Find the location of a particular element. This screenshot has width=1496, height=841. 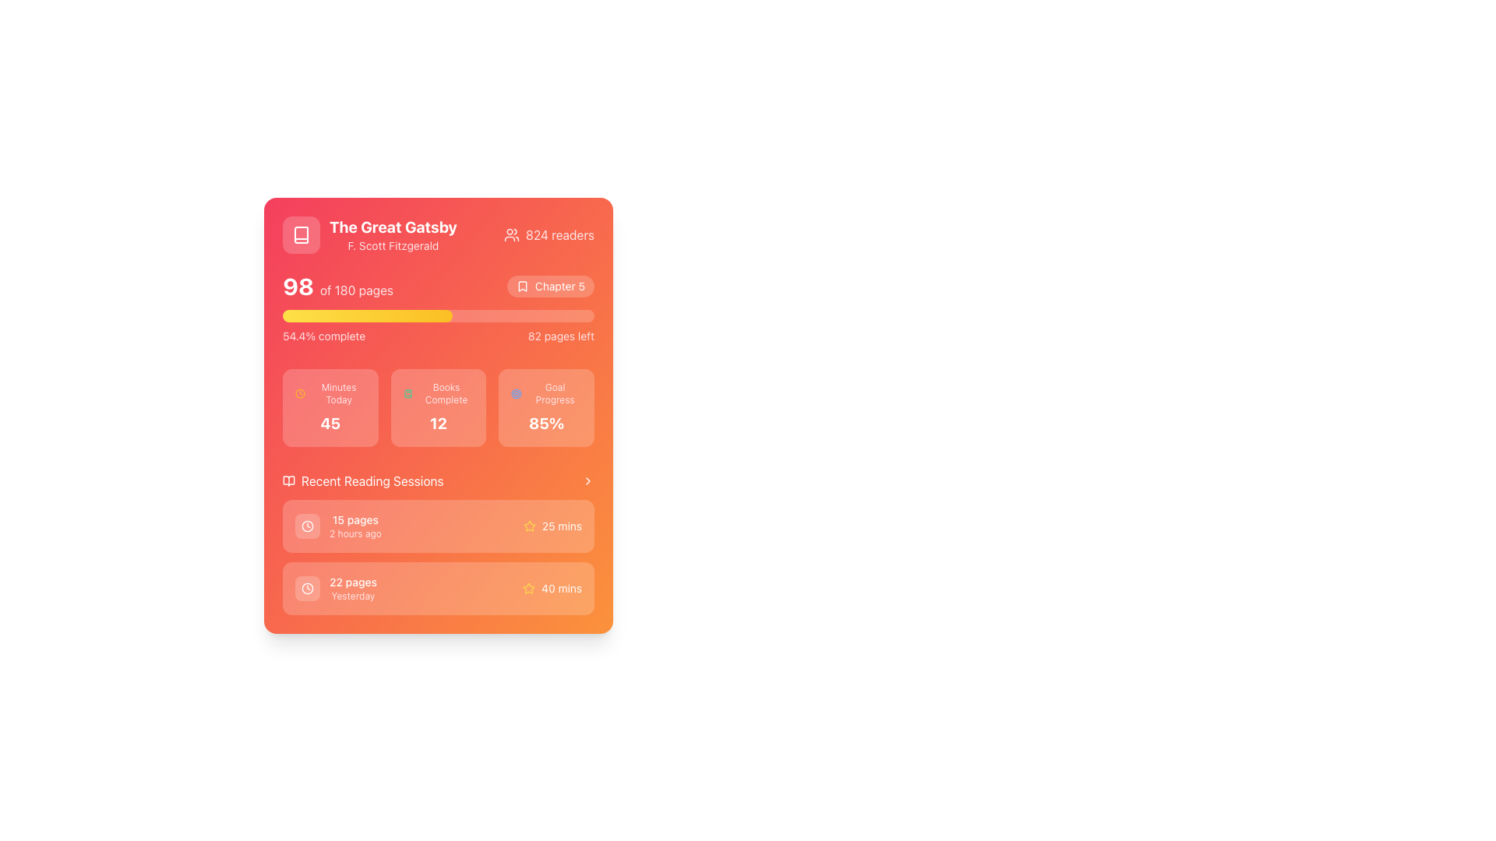

the bookmark icon located near the title 'The Great Gatsby' in the header section is located at coordinates (522, 286).